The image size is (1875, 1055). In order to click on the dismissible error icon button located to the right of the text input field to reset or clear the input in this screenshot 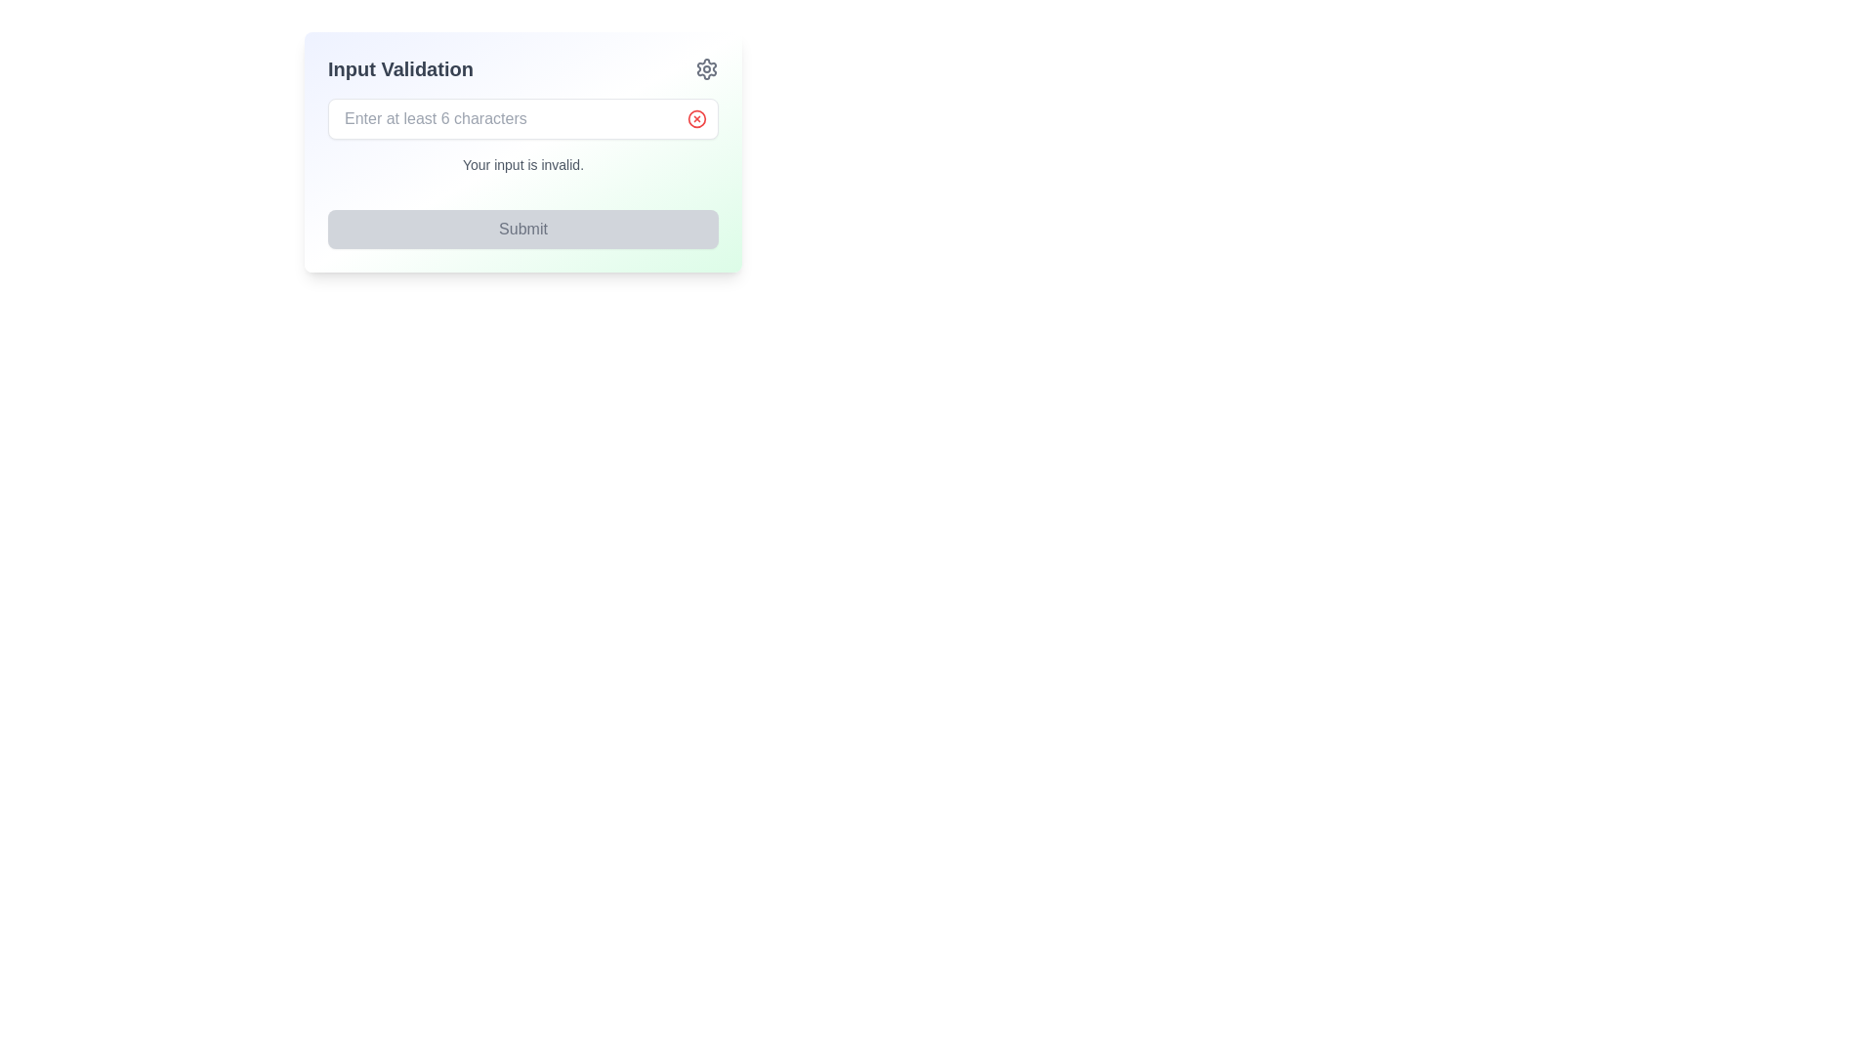, I will do `click(697, 119)`.